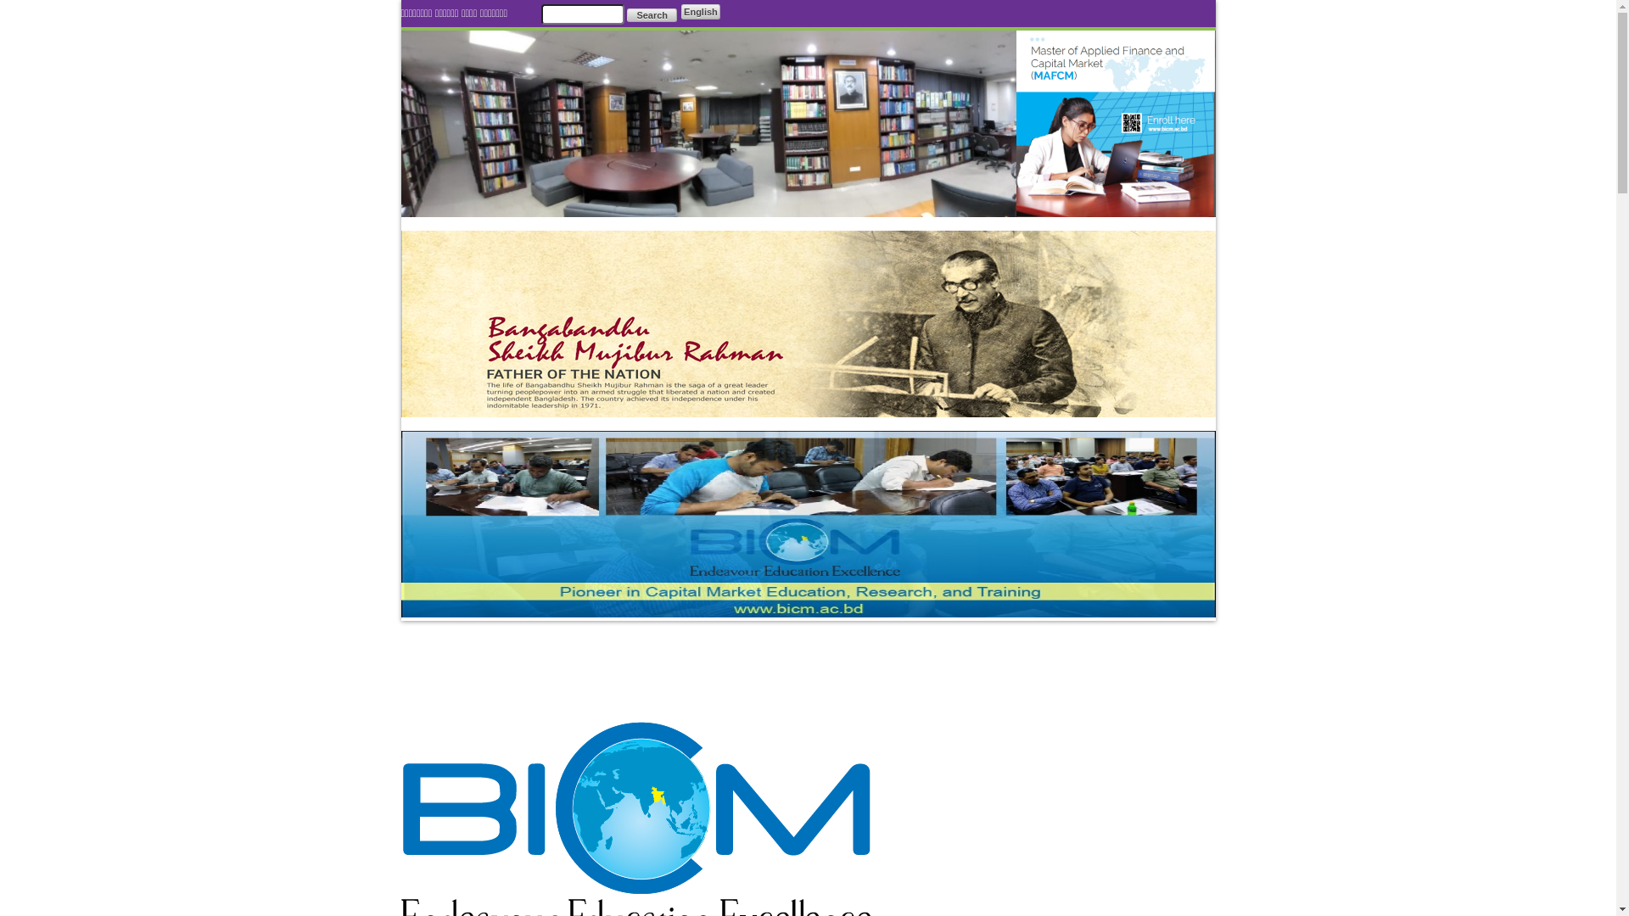 The height and width of the screenshot is (916, 1629). What do you see at coordinates (700, 12) in the screenshot?
I see `'English'` at bounding box center [700, 12].